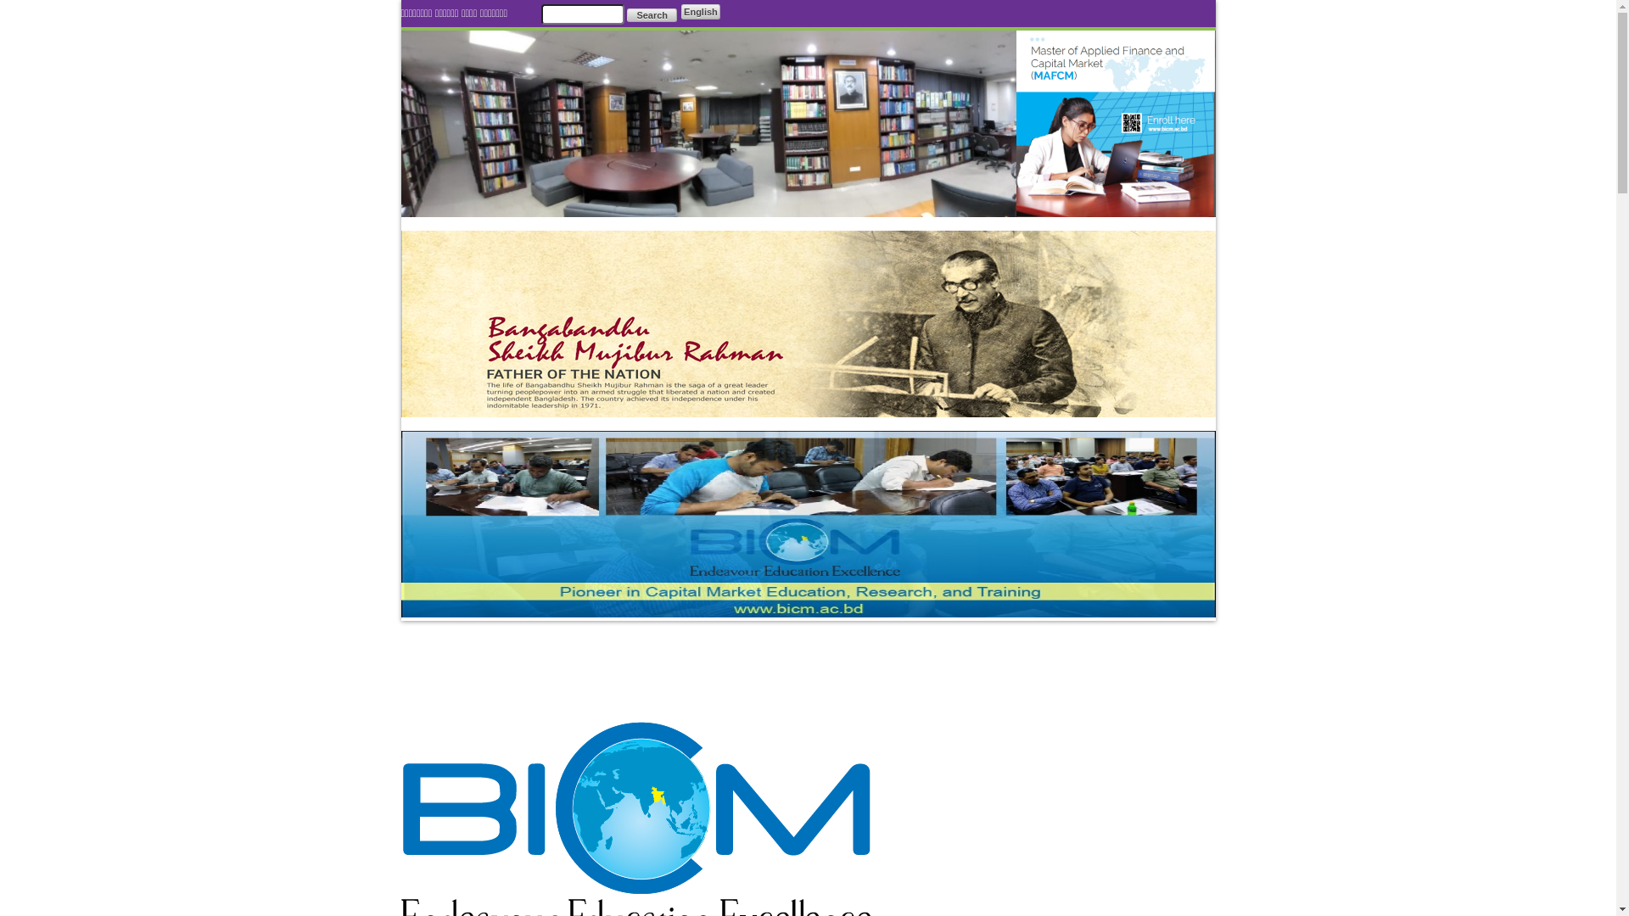 The height and width of the screenshot is (916, 1629). What do you see at coordinates (700, 12) in the screenshot?
I see `'English'` at bounding box center [700, 12].